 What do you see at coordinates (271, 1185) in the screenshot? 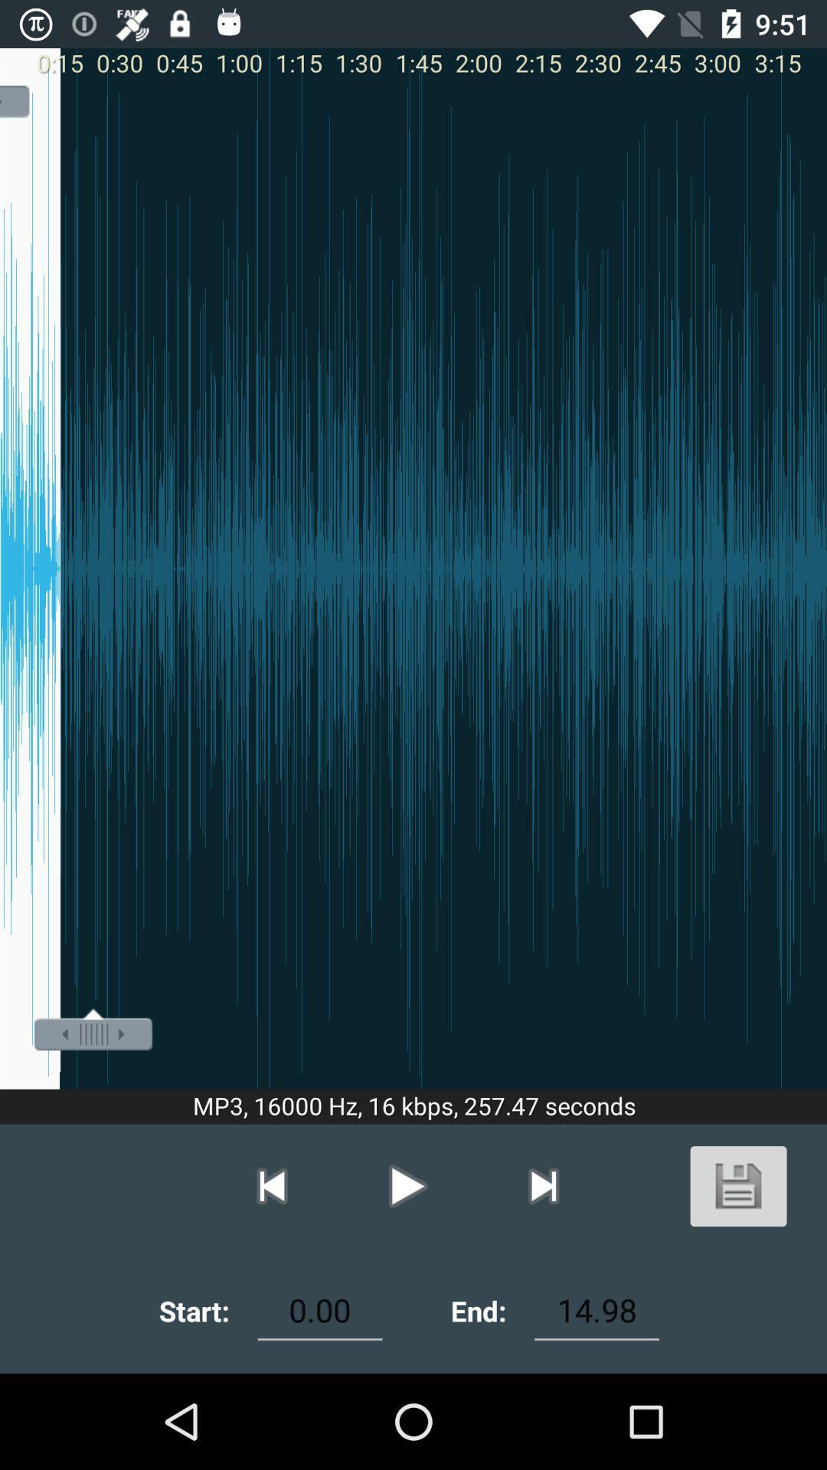
I see `previous button which is above start` at bounding box center [271, 1185].